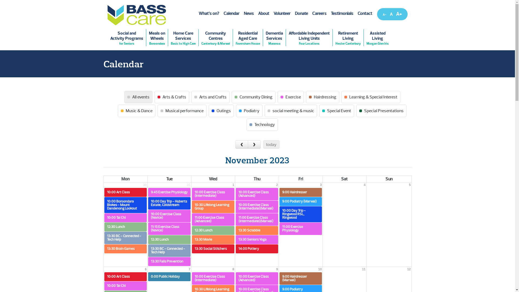 Image resolution: width=519 pixels, height=292 pixels. I want to click on '11:00 Exercise Class (Intermediate)(Marwal), so click(257, 220).